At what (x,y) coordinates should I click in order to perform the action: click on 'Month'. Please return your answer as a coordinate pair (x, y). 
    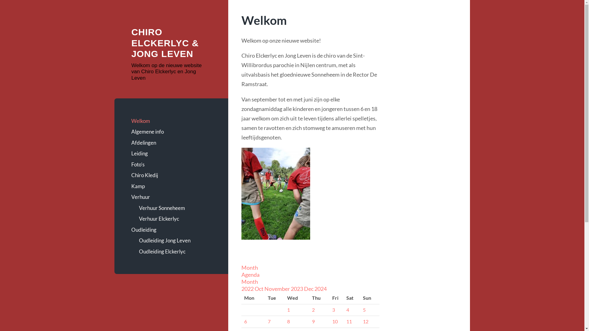
    Looking at the image, I should click on (250, 281).